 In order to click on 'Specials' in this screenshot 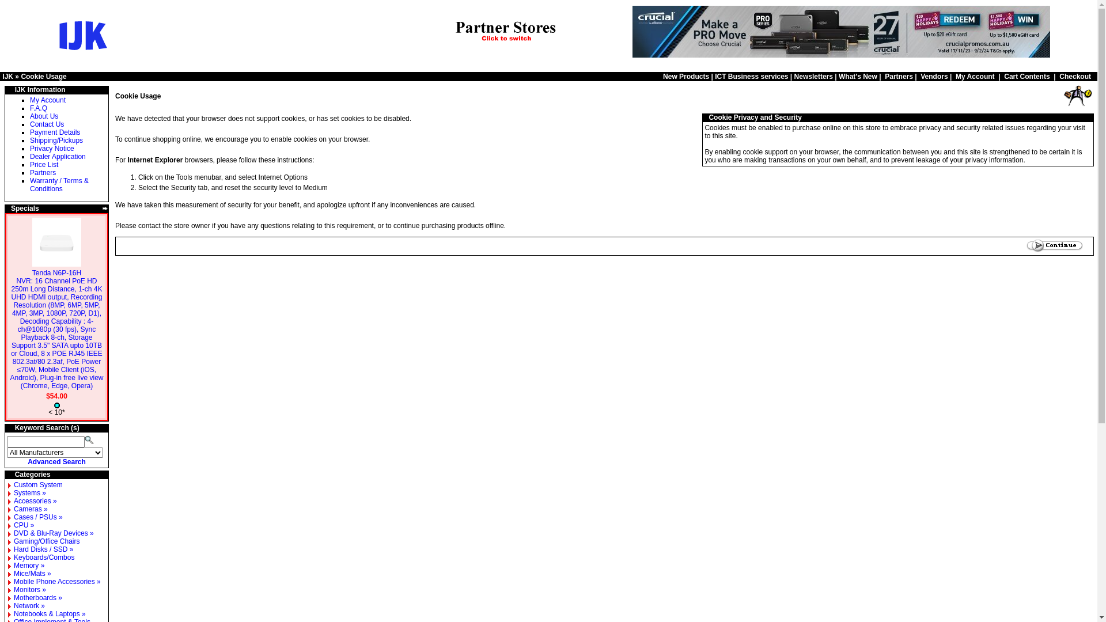, I will do `click(11, 208)`.